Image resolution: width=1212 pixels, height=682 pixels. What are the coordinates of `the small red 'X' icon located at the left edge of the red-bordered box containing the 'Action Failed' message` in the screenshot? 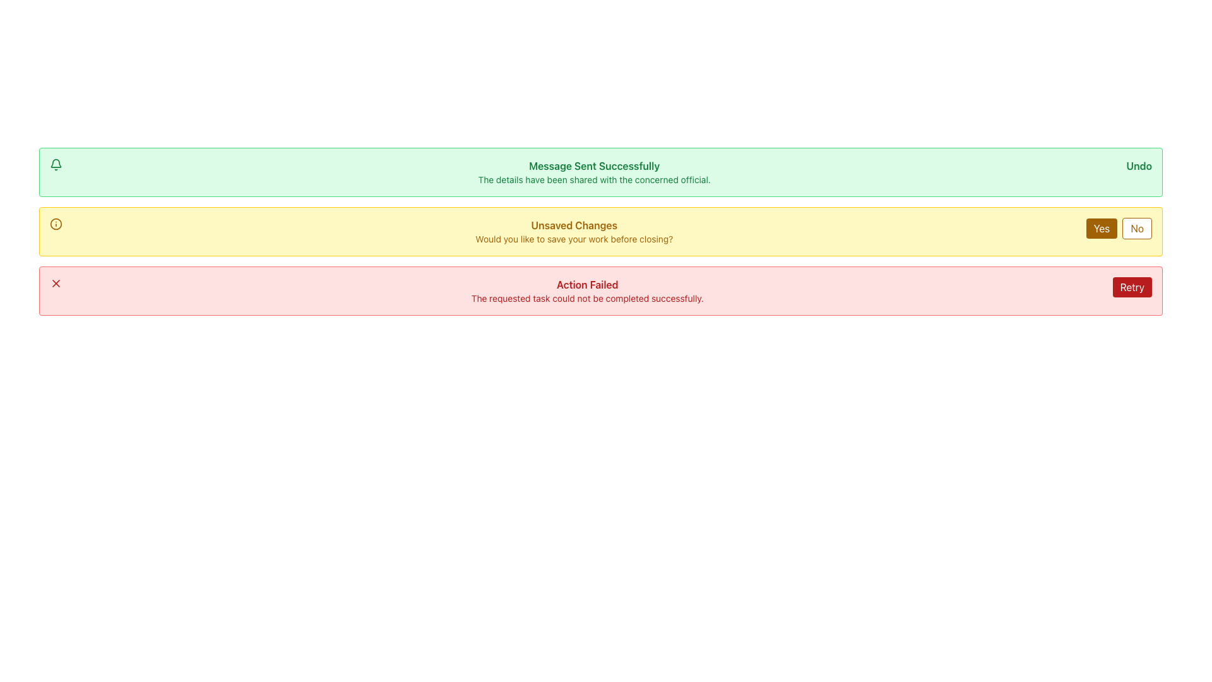 It's located at (56, 282).